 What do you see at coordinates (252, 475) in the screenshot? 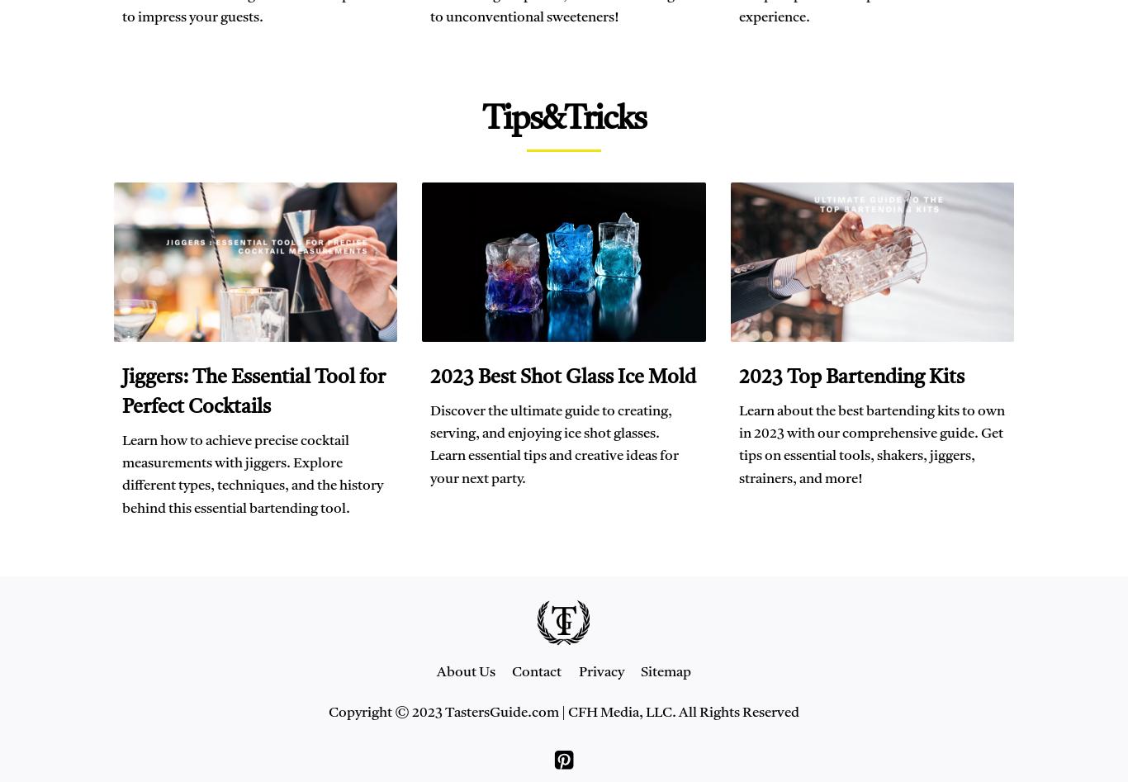
I see `'Learn how to achieve precise cocktail measurements with jiggers. Explore different types, techniques, and the history behind this essential bartending tool.'` at bounding box center [252, 475].